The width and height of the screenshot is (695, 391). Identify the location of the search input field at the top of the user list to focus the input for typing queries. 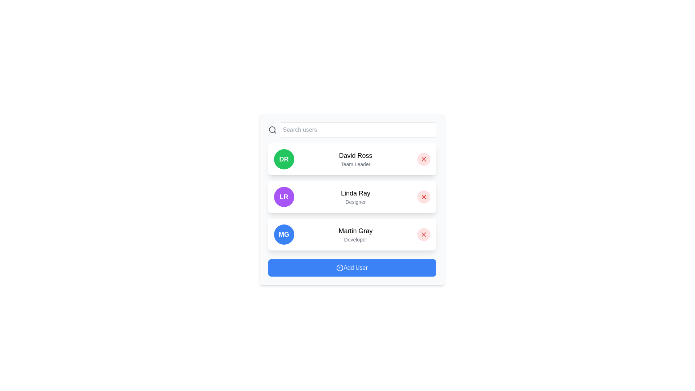
(352, 129).